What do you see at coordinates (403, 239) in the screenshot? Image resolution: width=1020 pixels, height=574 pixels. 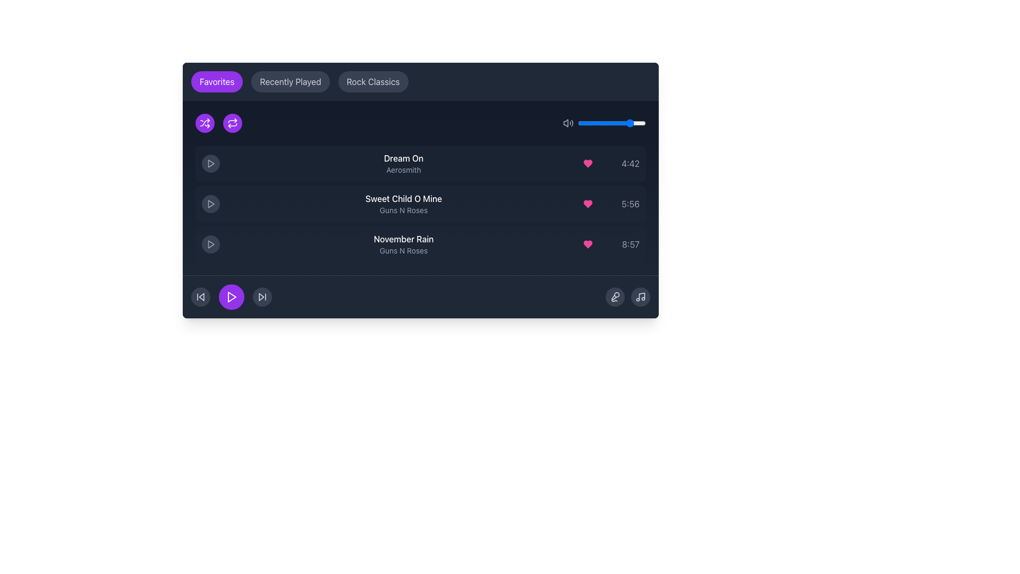 I see `text label displaying 'November Rain' in bold white font, which is located in the third row of the playlist interface, above the artist information 'Guns N Roses'` at bounding box center [403, 239].